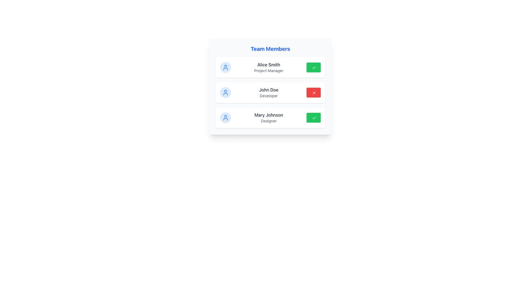 The height and width of the screenshot is (295, 525). Describe the element at coordinates (269, 96) in the screenshot. I see `the 'Developer' text label, which is a small, light gray font displayed underneath 'John Doe' in the 'Team Members' list` at that location.